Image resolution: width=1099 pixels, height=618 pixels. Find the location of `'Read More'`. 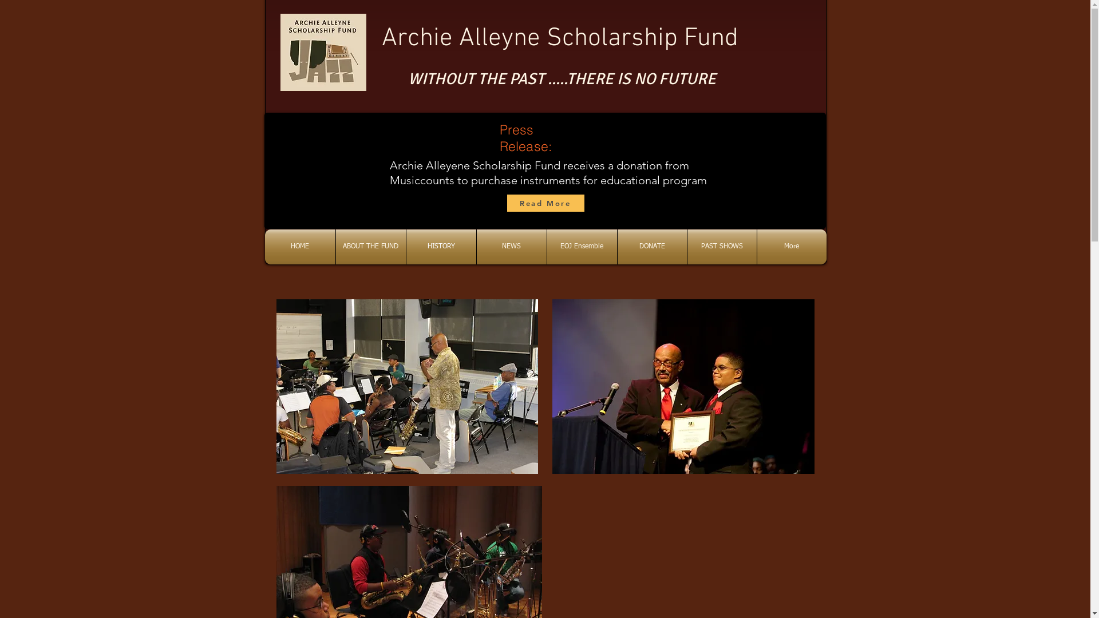

'Read More' is located at coordinates (545, 202).